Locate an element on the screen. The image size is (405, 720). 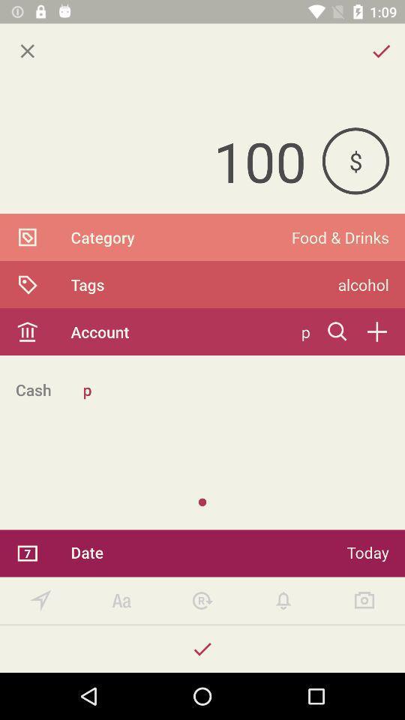
the app to the left of p is located at coordinates (33, 388).